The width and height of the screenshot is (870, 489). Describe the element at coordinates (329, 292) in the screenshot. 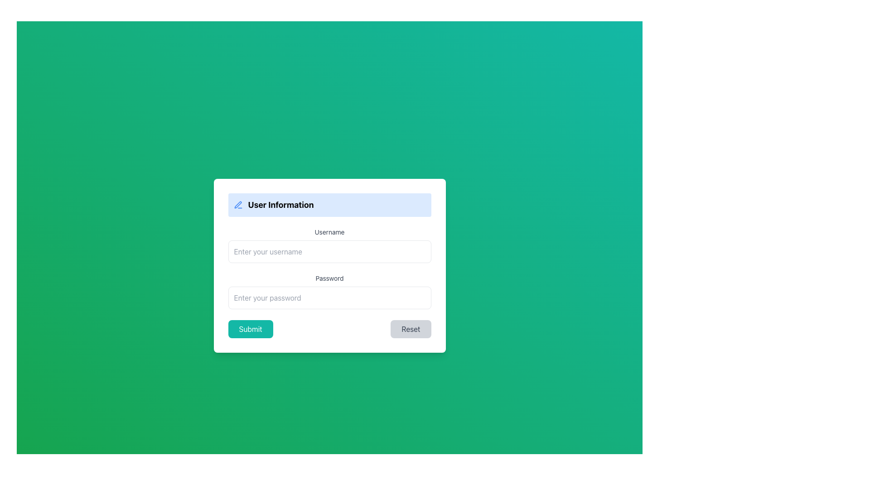

I see `the 'Password' input field to focus and start typing in the password input box located below the 'Username' input box in the 'User Information' form` at that location.